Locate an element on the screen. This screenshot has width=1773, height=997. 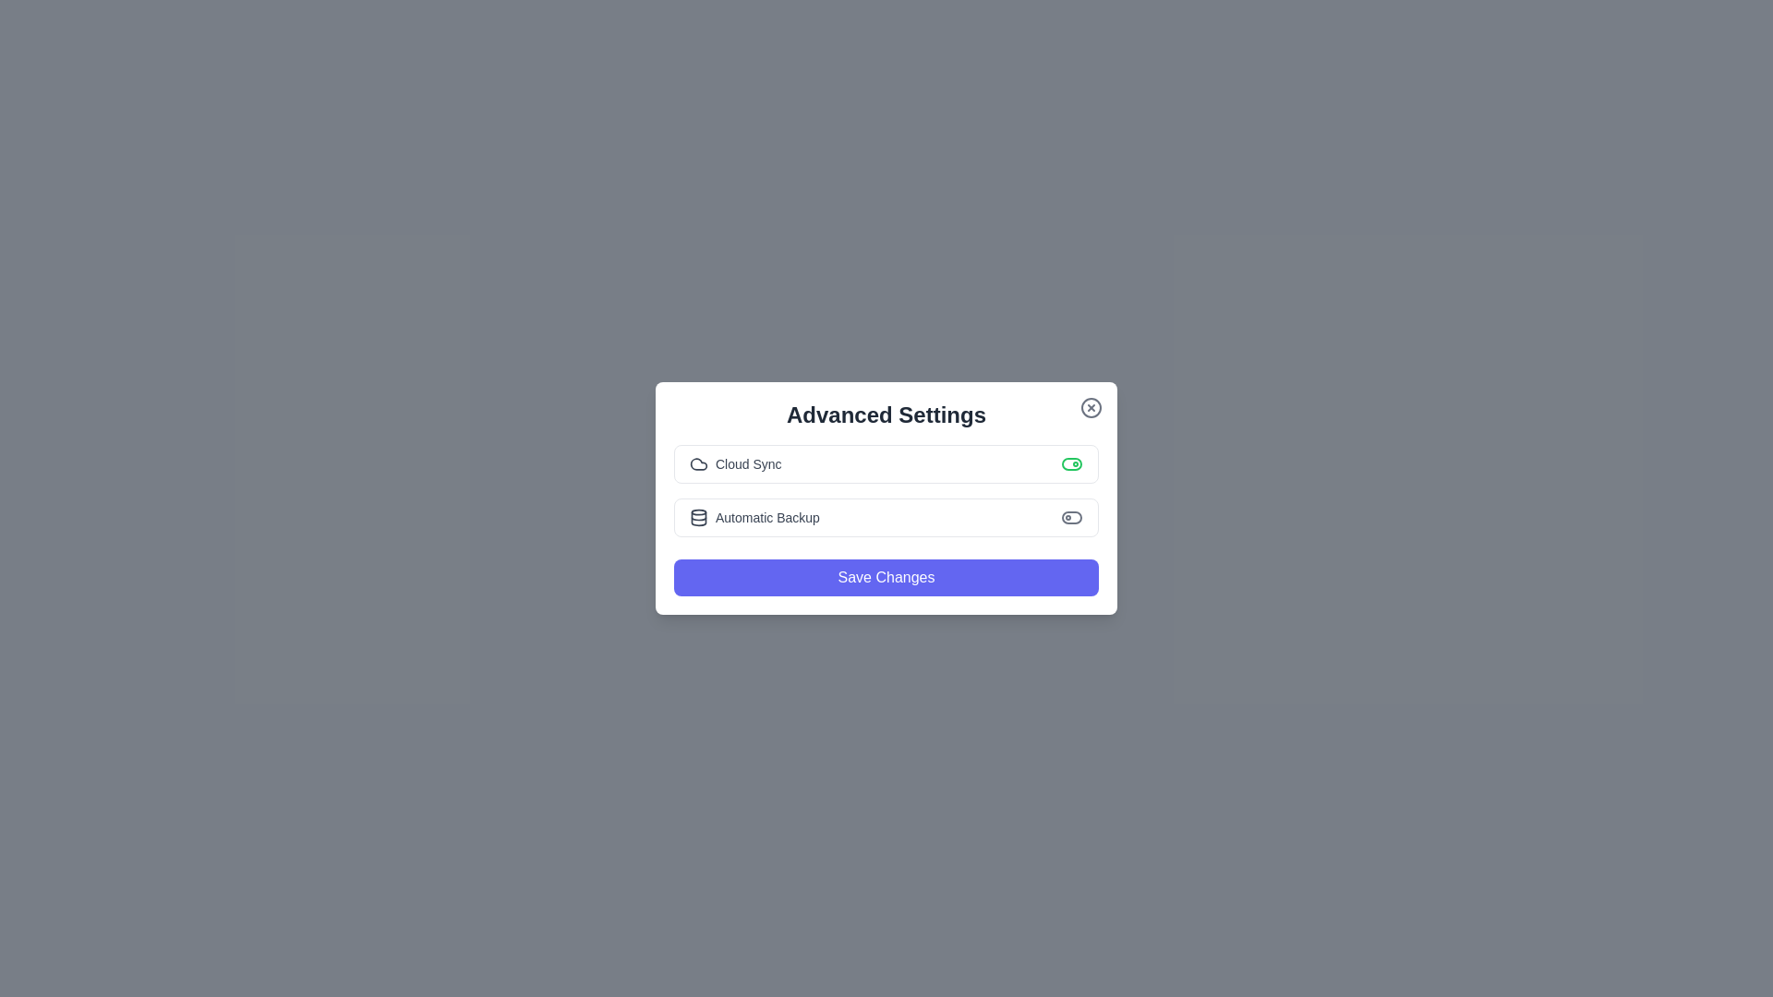
the circular SVG graphic that forms part of the close button in the top-right corner of the 'Advanced Settings' modal is located at coordinates (1091, 407).